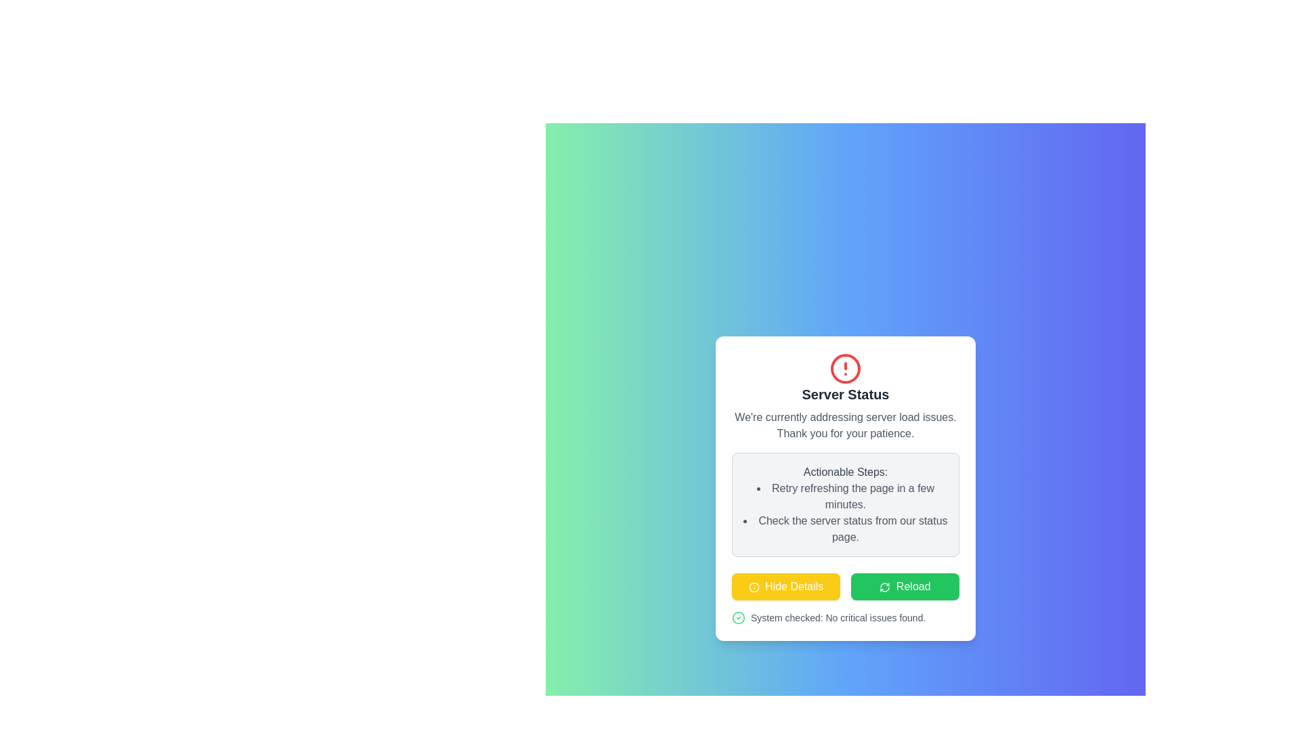 This screenshot has width=1300, height=731. Describe the element at coordinates (844, 618) in the screenshot. I see `the status message element that displays a green checkmark indicating no critical issues were found, located at the bottom of the card interface, below the 'Hide Details' and 'Reload' buttons` at that location.